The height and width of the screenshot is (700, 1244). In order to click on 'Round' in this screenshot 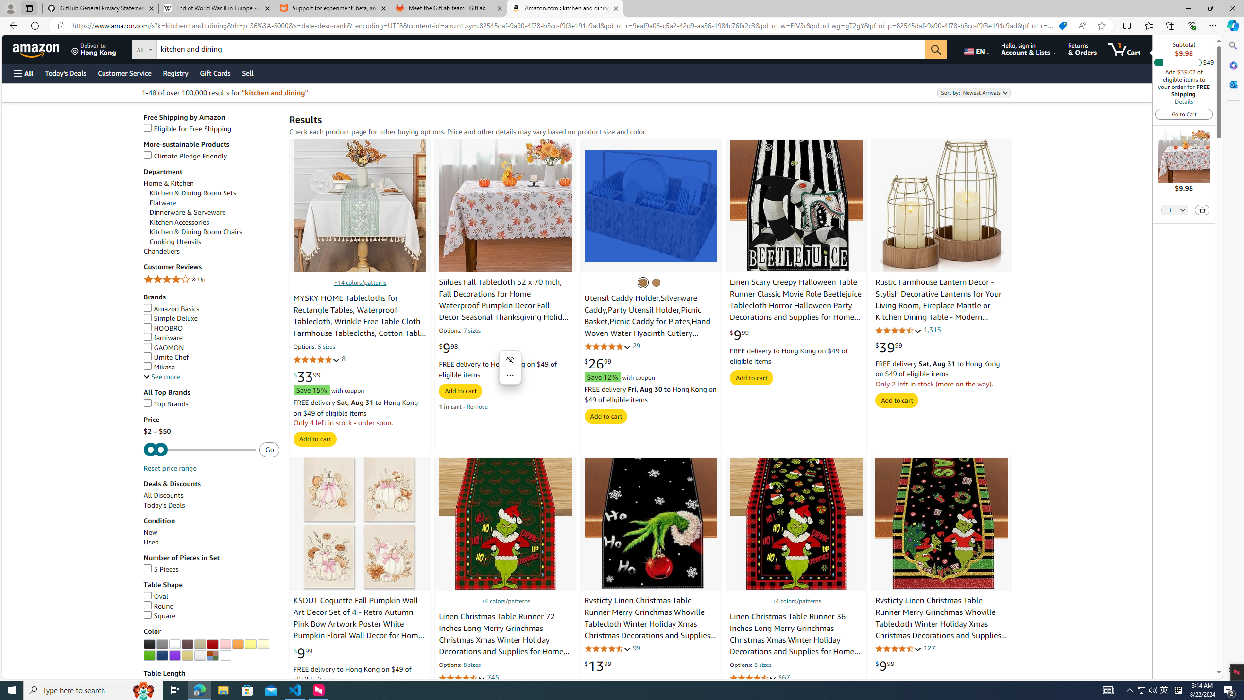, I will do `click(158, 606)`.